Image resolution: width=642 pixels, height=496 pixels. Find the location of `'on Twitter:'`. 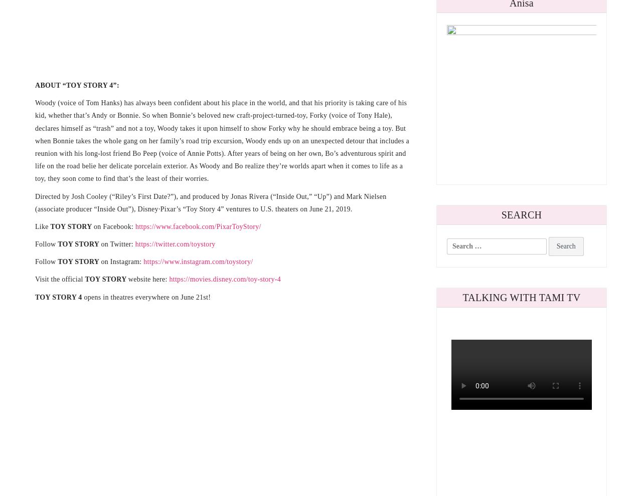

'on Twitter:' is located at coordinates (118, 244).